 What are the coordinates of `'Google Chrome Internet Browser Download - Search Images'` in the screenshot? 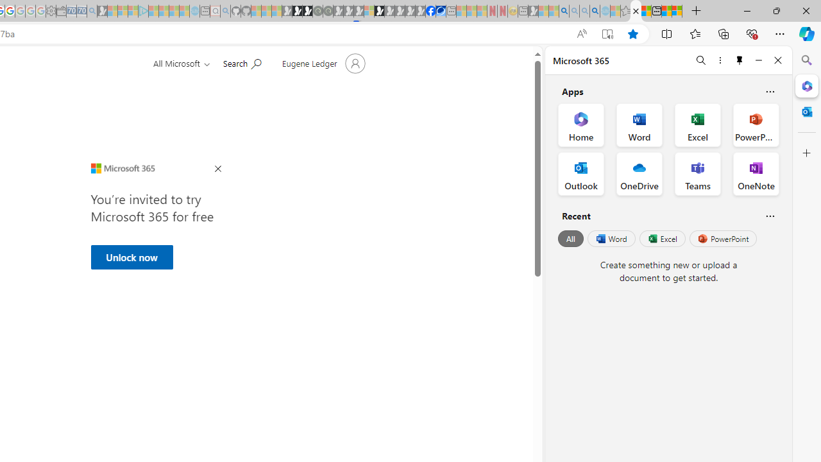 It's located at (595, 11).